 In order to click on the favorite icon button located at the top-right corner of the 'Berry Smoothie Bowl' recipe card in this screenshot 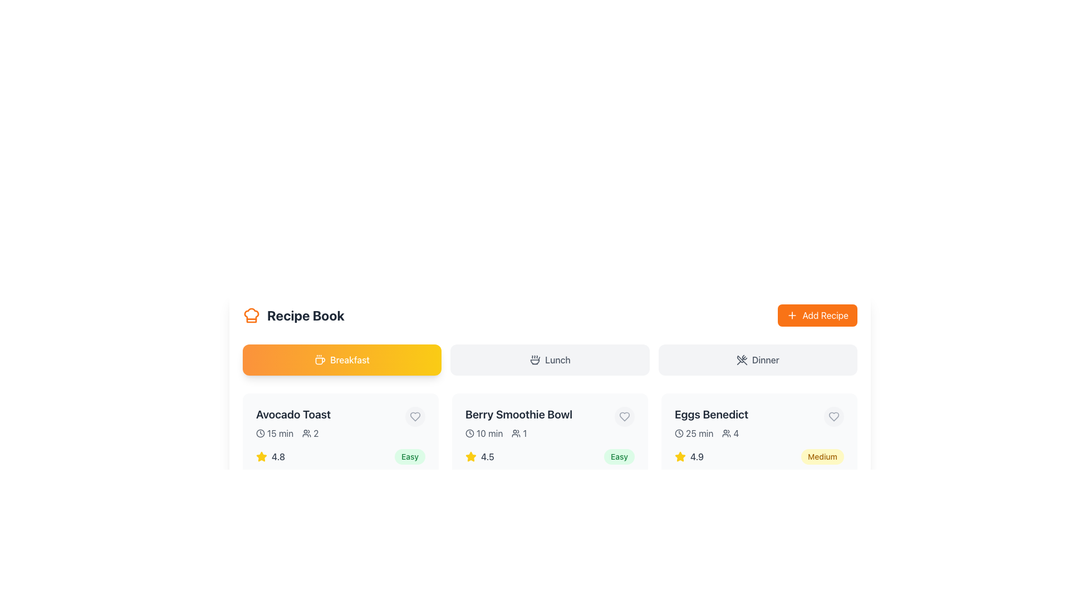, I will do `click(625, 416)`.